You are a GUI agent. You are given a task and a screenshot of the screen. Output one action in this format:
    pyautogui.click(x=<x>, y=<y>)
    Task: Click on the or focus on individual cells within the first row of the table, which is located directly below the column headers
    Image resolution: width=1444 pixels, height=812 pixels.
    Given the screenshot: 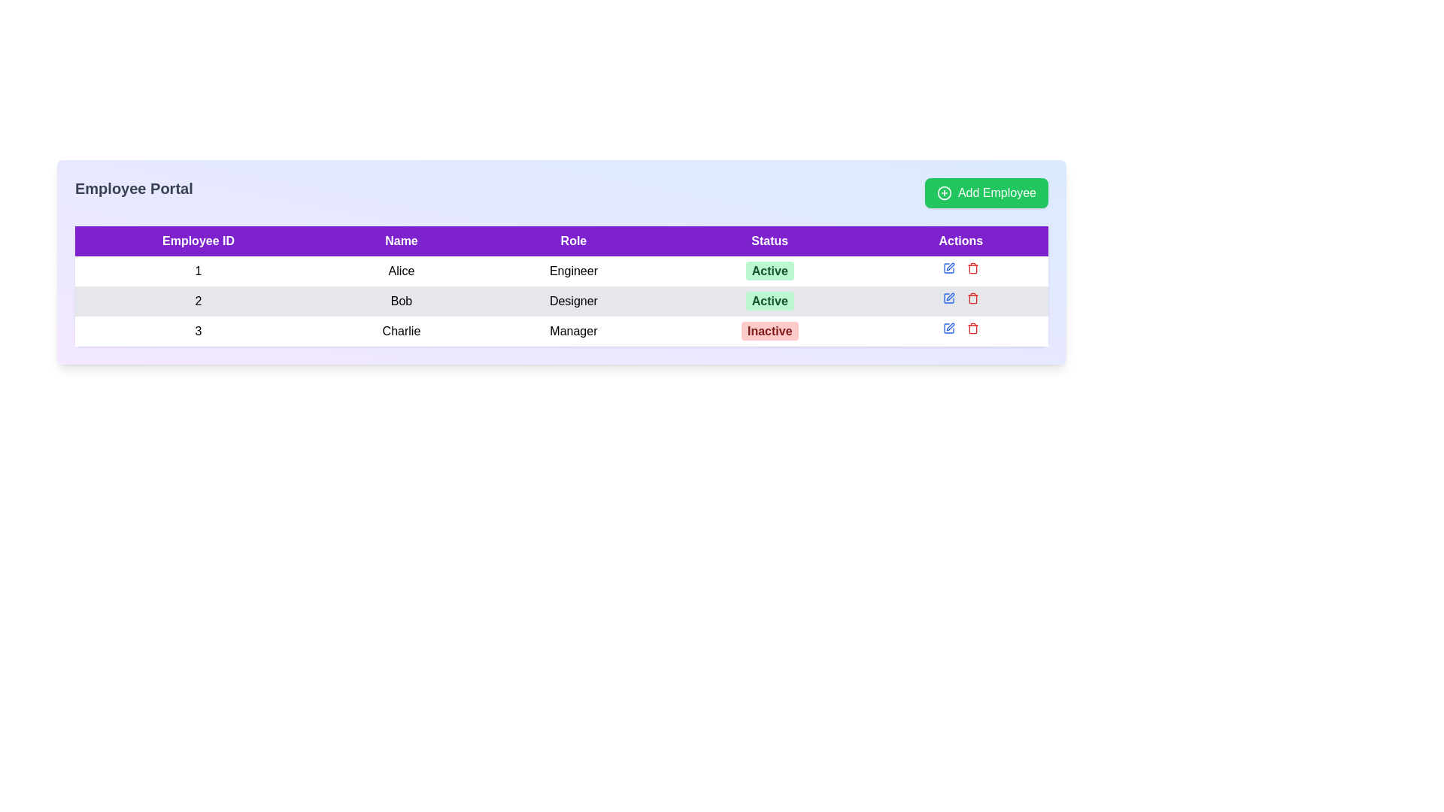 What is the action you would take?
    pyautogui.click(x=561, y=271)
    